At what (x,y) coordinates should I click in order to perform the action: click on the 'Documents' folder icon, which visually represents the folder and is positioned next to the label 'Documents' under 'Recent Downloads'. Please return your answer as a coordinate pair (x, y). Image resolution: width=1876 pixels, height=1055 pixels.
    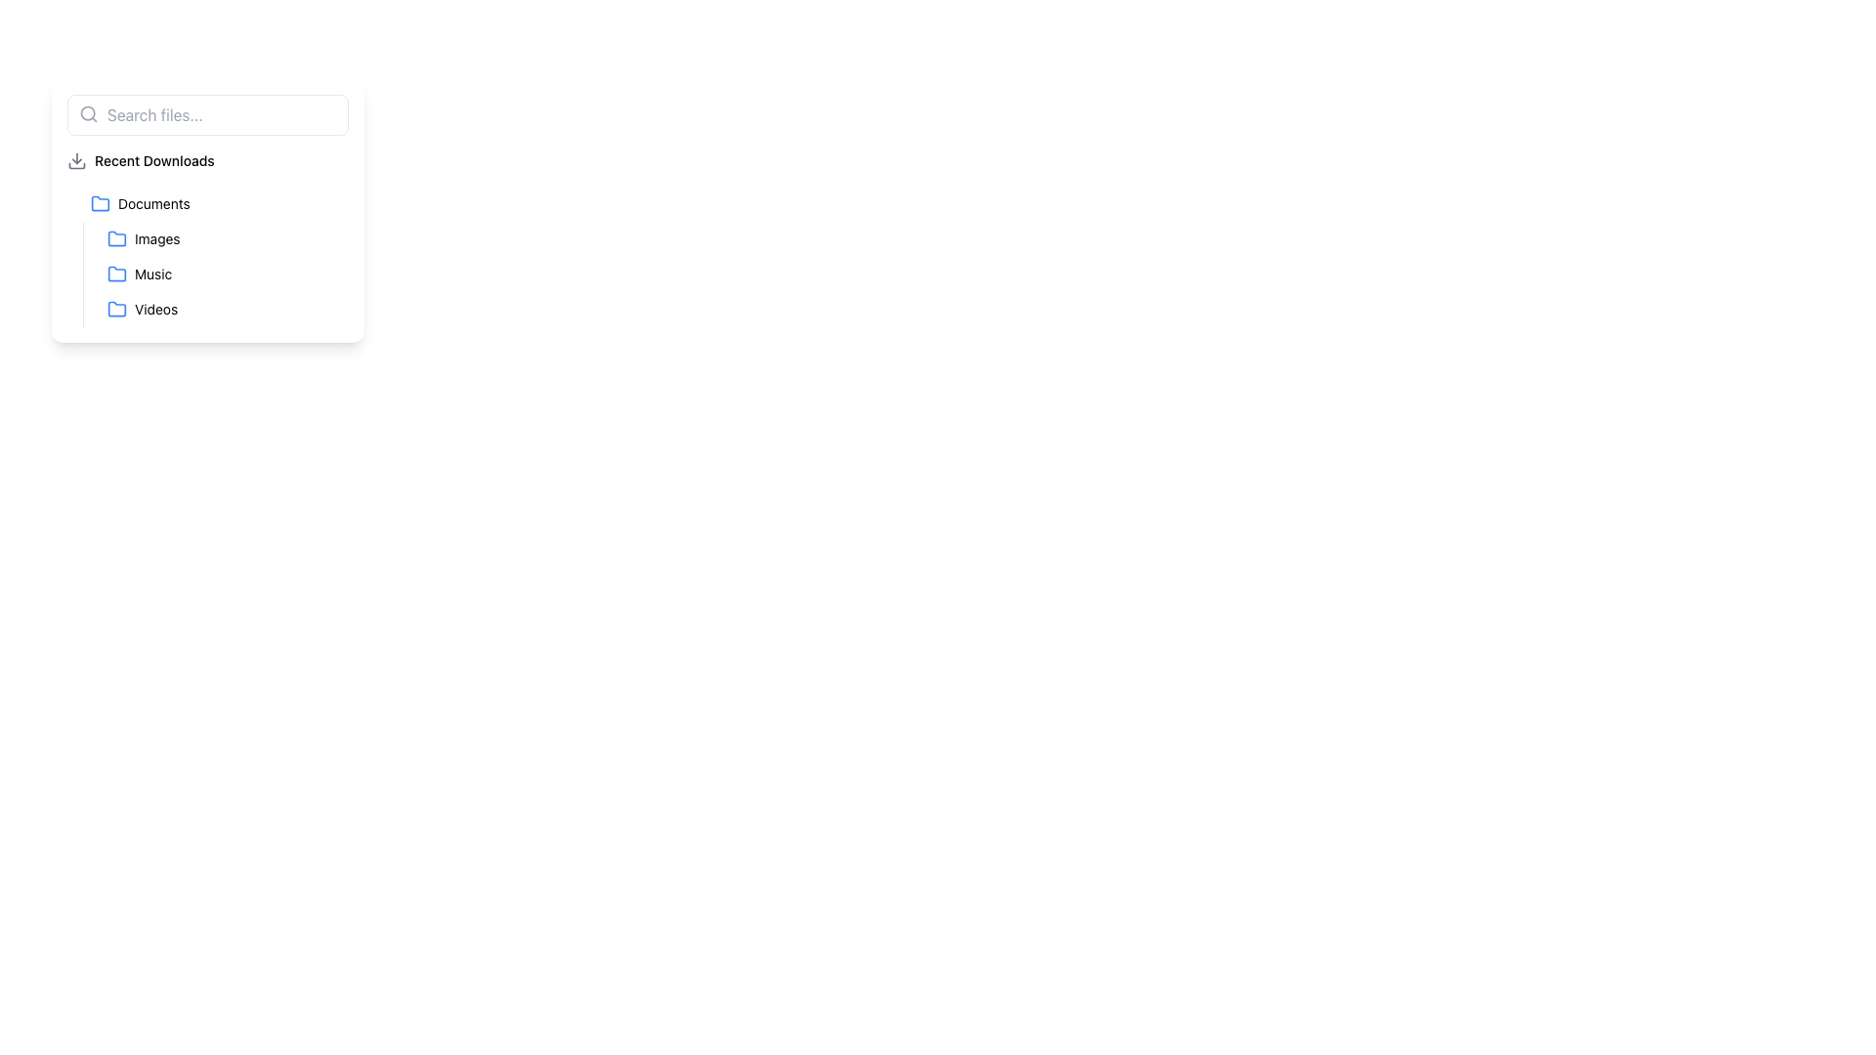
    Looking at the image, I should click on (99, 203).